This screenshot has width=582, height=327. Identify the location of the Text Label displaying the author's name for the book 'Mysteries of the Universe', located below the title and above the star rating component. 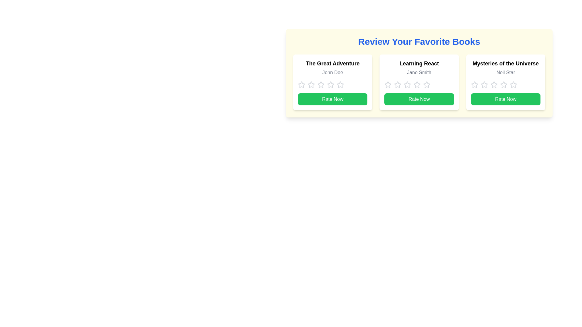
(506, 72).